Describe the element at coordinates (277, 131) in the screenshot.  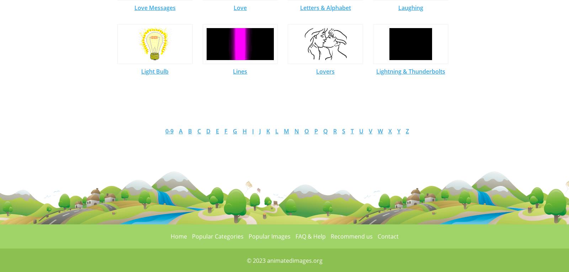
I see `'L'` at that location.